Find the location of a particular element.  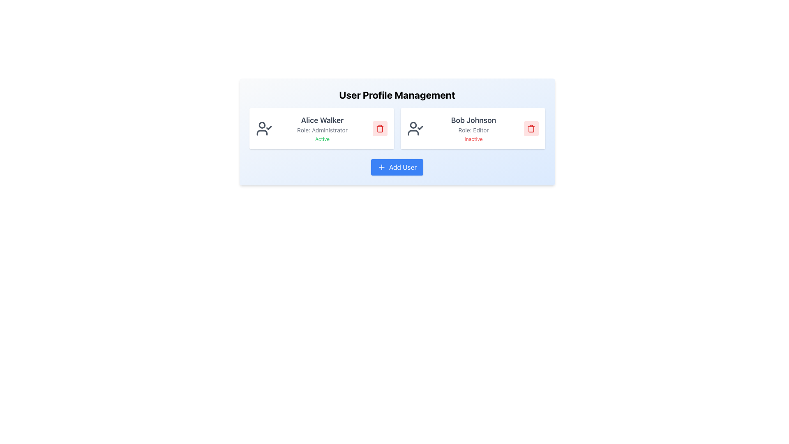

the Text label indicating the role of the user ('Editor') which is positioned between 'Bob Johnson' and 'Inactive' in the user profile card layout is located at coordinates (473, 129).